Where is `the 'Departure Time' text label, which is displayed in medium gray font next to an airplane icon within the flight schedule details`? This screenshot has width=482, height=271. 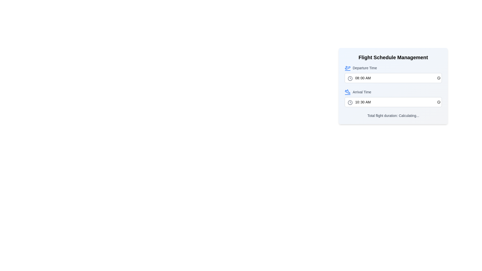 the 'Departure Time' text label, which is displayed in medium gray font next to an airplane icon within the flight schedule details is located at coordinates (365, 68).